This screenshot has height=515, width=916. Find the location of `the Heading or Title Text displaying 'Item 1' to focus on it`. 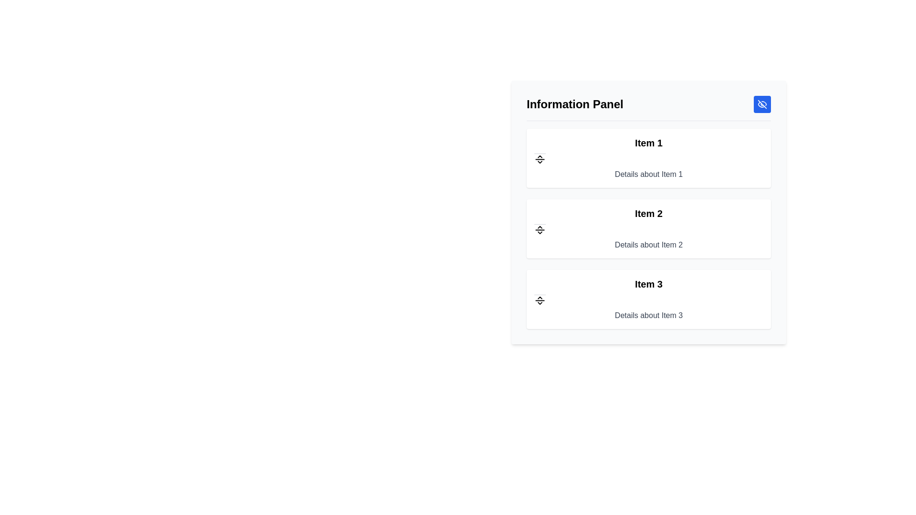

the Heading or Title Text displaying 'Item 1' to focus on it is located at coordinates (648, 143).